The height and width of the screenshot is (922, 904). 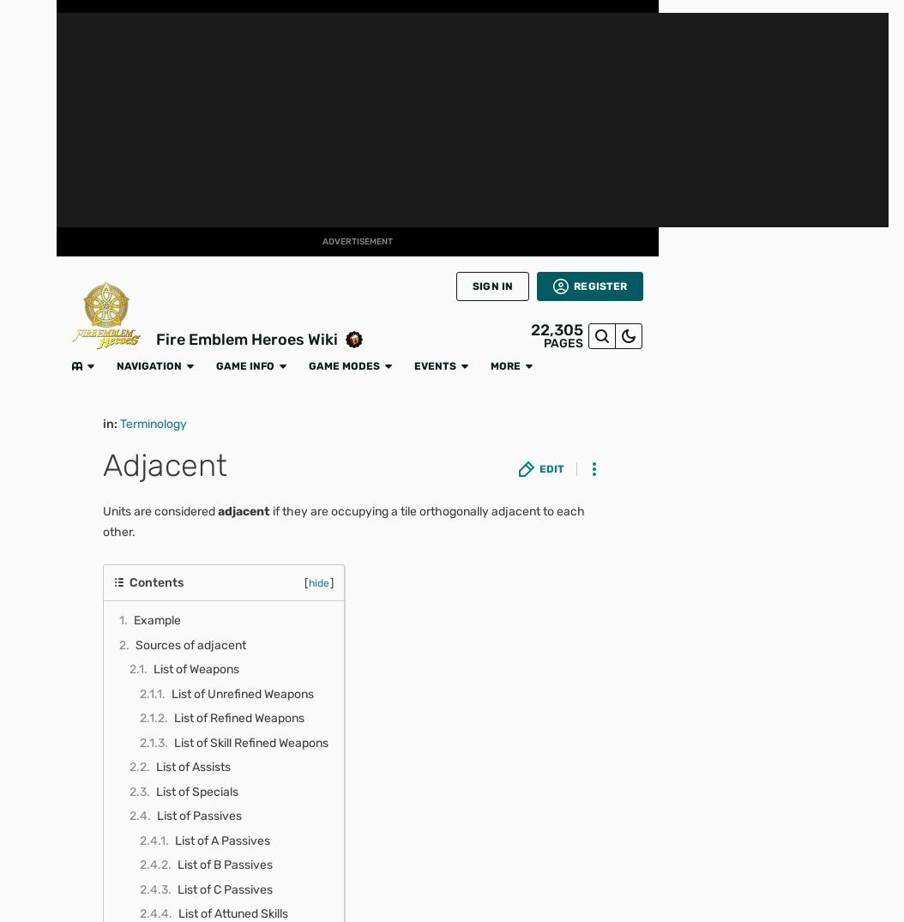 What do you see at coordinates (404, 419) in the screenshot?
I see `'For each foe within 4 spaces of unit, unit can move to any of the nearest spaces adjacent to that foe (unless space is impassible terrain). Inflicts Atk/Spd/Def/Res-5 on foes within 2 spaces of unit during combat. If unit's Spd > foe's Spd, neutralizes effects that guarantee foe's follow-up attacks and effects that prevent unit's follow-up attacks during combat.'` at bounding box center [404, 419].